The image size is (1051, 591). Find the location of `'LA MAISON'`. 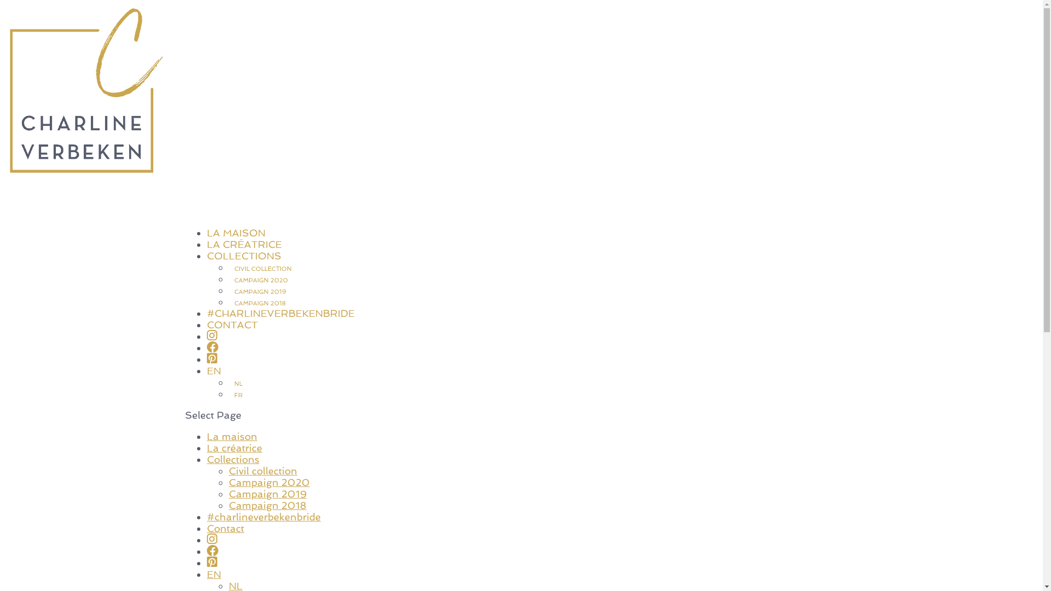

'LA MAISON' is located at coordinates (235, 252).